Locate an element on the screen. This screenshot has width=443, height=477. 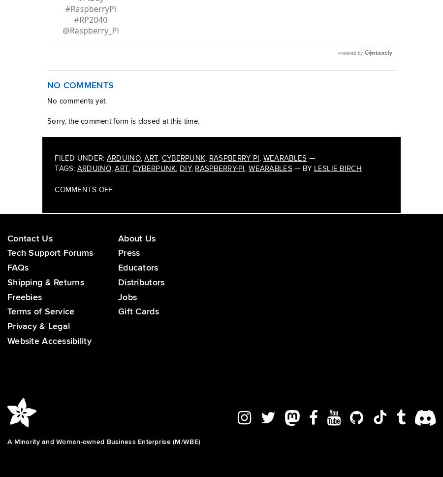
'No comments yet.' is located at coordinates (77, 110).